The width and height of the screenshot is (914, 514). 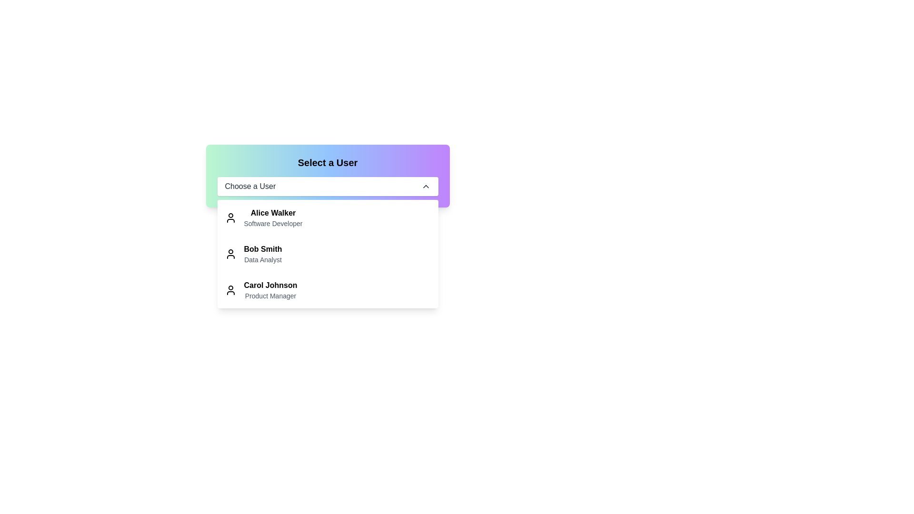 What do you see at coordinates (270, 285) in the screenshot?
I see `the 'Carol Johnson' text label` at bounding box center [270, 285].